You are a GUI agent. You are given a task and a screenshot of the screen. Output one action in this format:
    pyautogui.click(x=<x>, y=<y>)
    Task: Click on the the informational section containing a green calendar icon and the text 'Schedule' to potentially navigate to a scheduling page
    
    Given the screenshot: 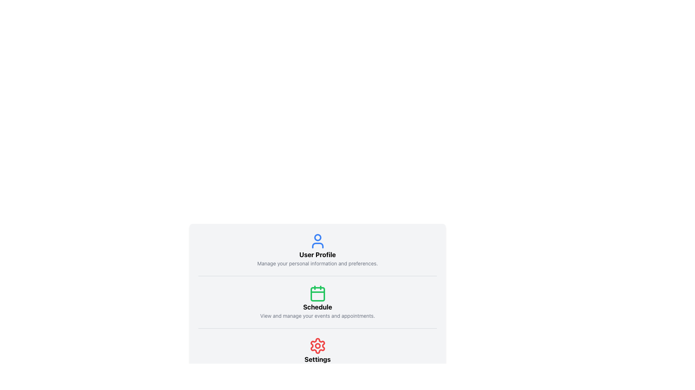 What is the action you would take?
    pyautogui.click(x=317, y=302)
    